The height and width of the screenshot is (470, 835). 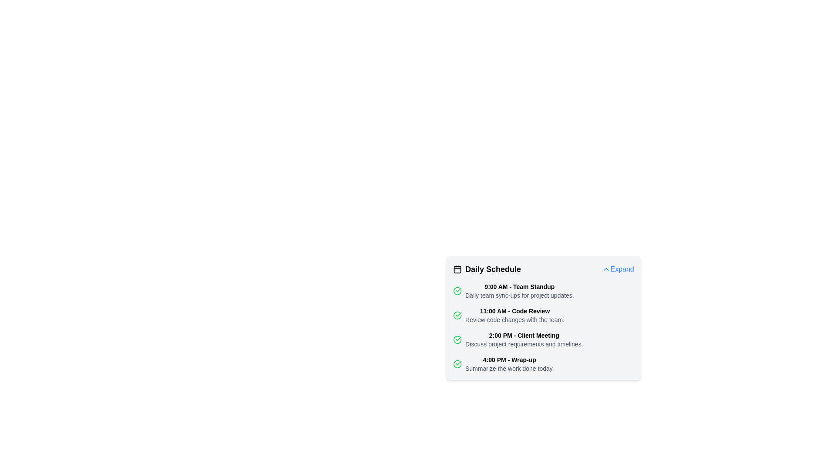 I want to click on the text label that provides additional information for the '4:00 PM - Wrap-up' schedule entry in the 'Daily Schedule' section, so click(x=509, y=369).